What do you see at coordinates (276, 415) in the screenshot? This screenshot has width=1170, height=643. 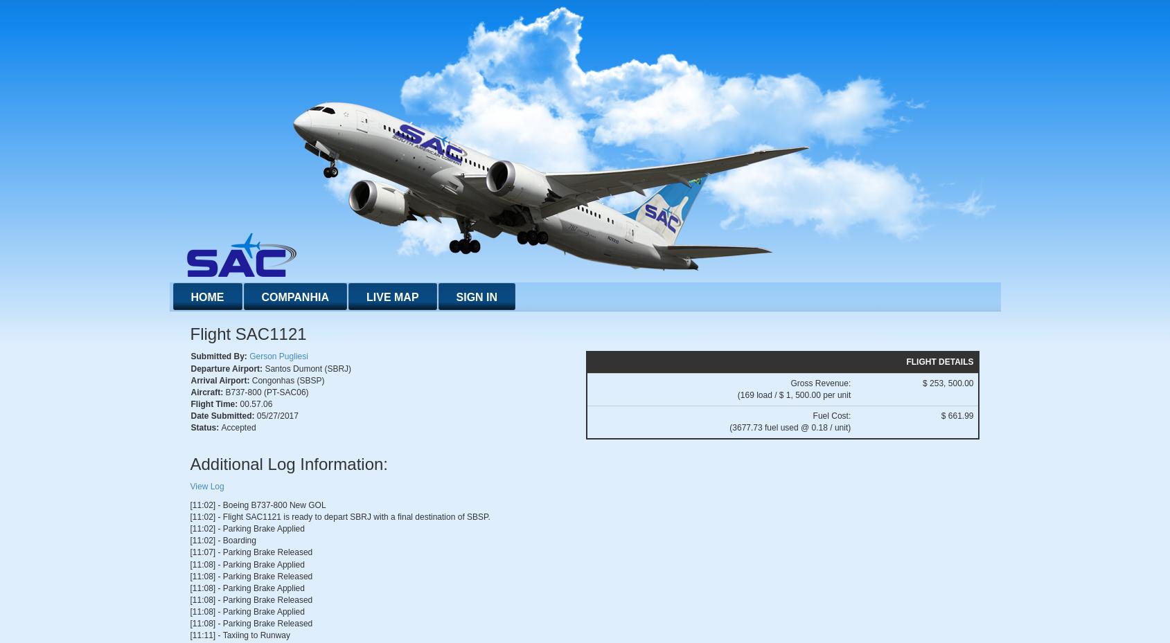 I see `'05/27/2017'` at bounding box center [276, 415].